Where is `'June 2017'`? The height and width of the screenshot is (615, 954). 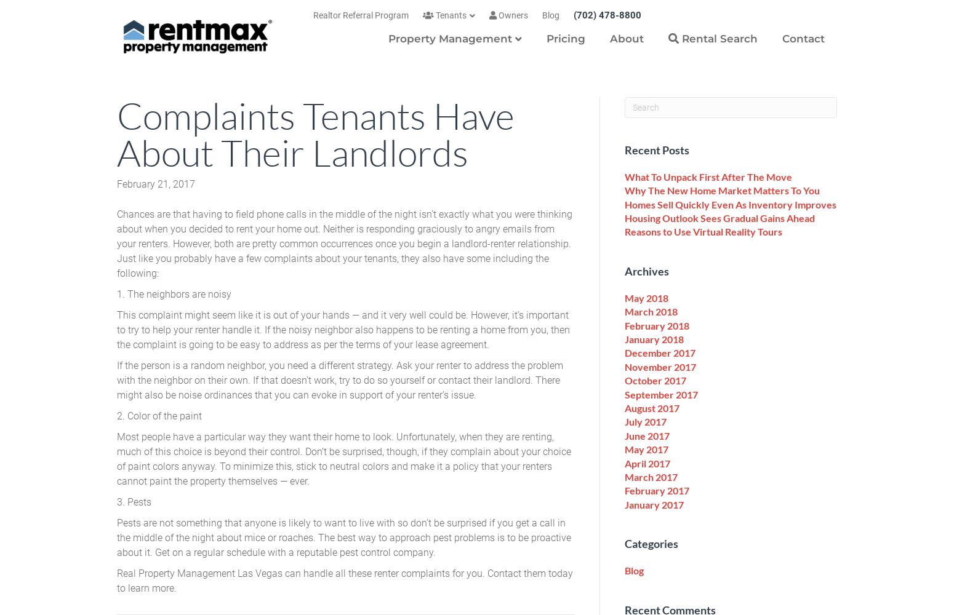 'June 2017' is located at coordinates (647, 434).